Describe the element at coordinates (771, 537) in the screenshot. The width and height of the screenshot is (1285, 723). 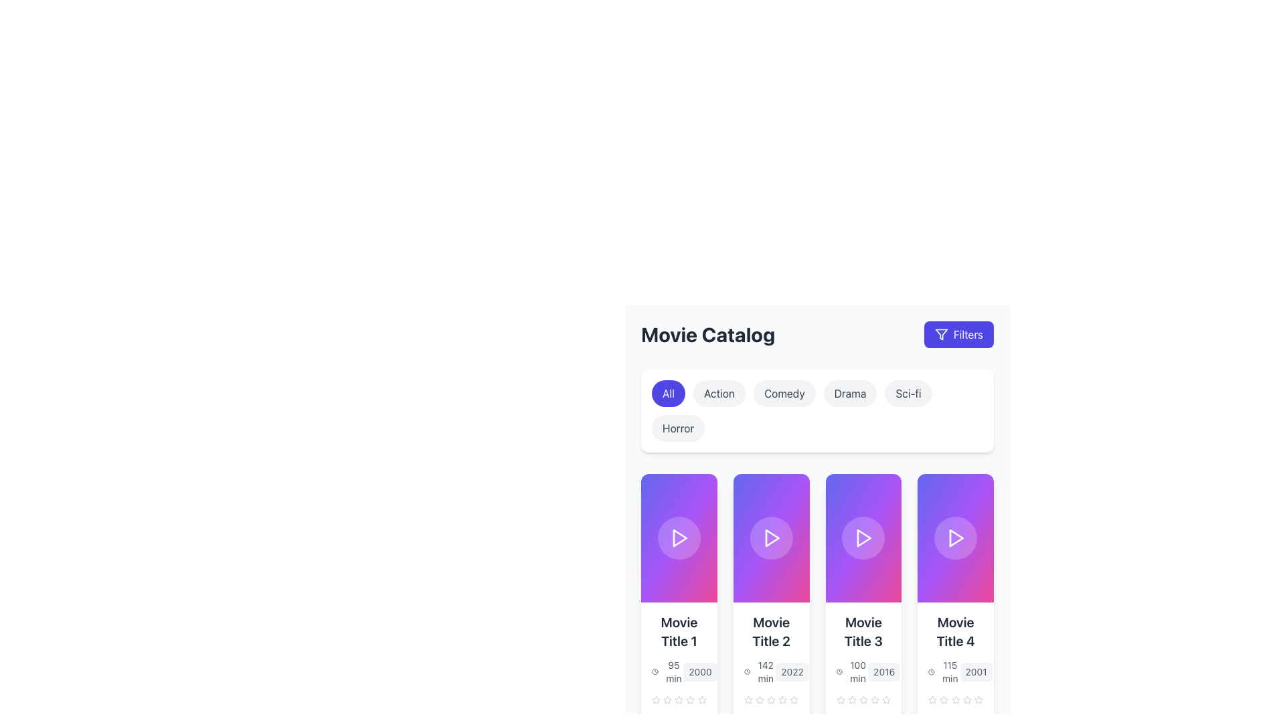
I see `the play button icon located in the center of the Interactive panel on the second movie card in the movie catalog section` at that location.